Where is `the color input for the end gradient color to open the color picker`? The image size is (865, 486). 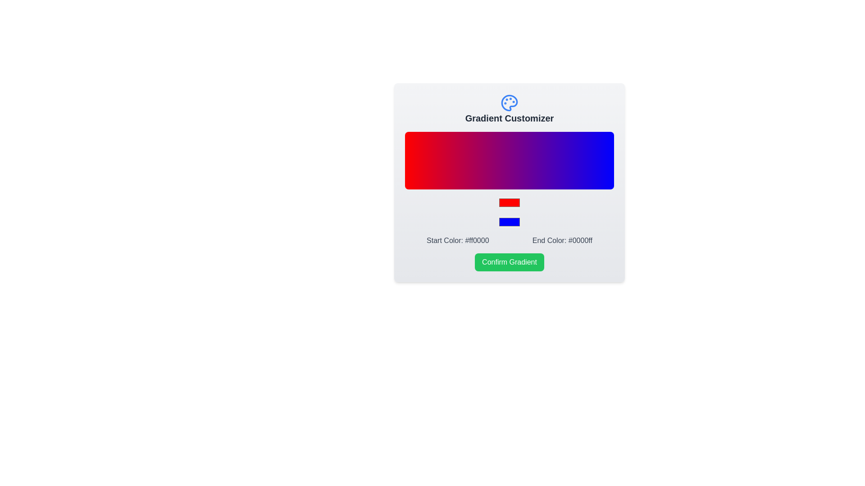
the color input for the end gradient color to open the color picker is located at coordinates (510, 222).